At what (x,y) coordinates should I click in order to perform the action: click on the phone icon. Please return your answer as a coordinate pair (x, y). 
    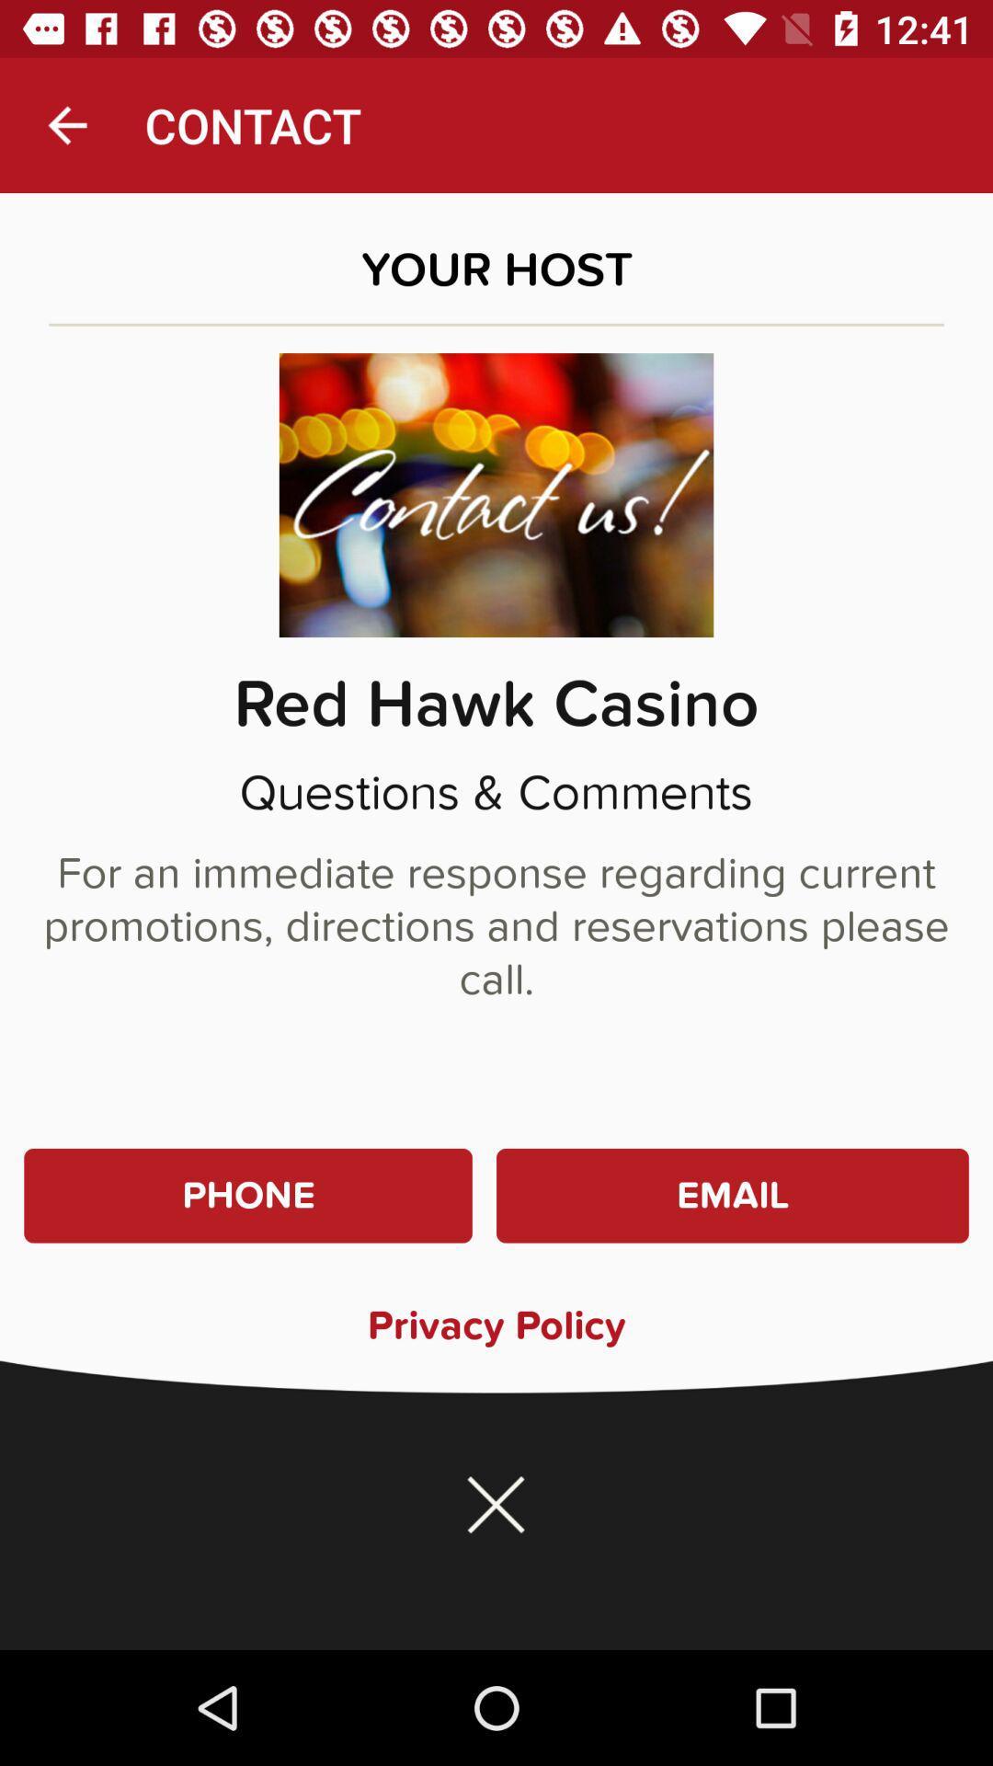
    Looking at the image, I should click on (248, 1196).